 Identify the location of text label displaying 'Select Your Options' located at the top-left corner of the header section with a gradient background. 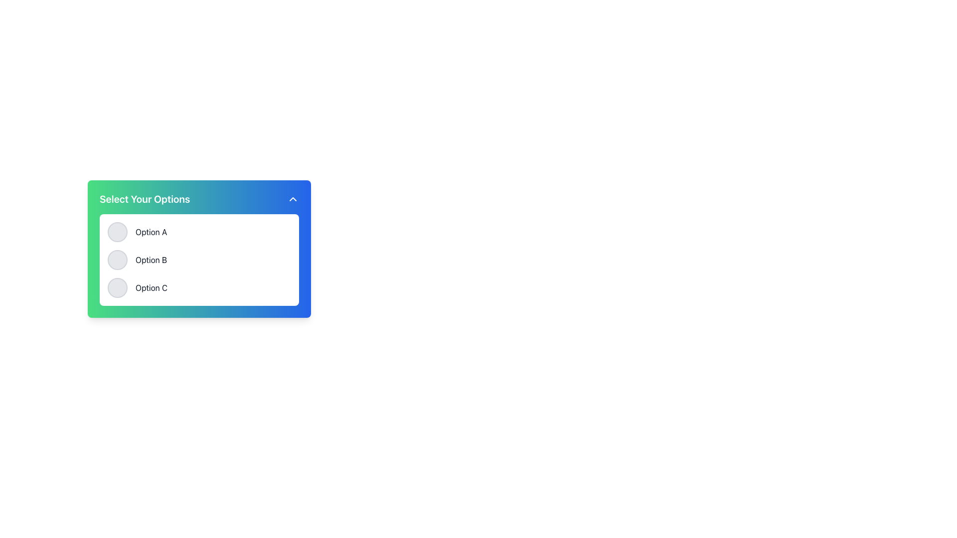
(144, 199).